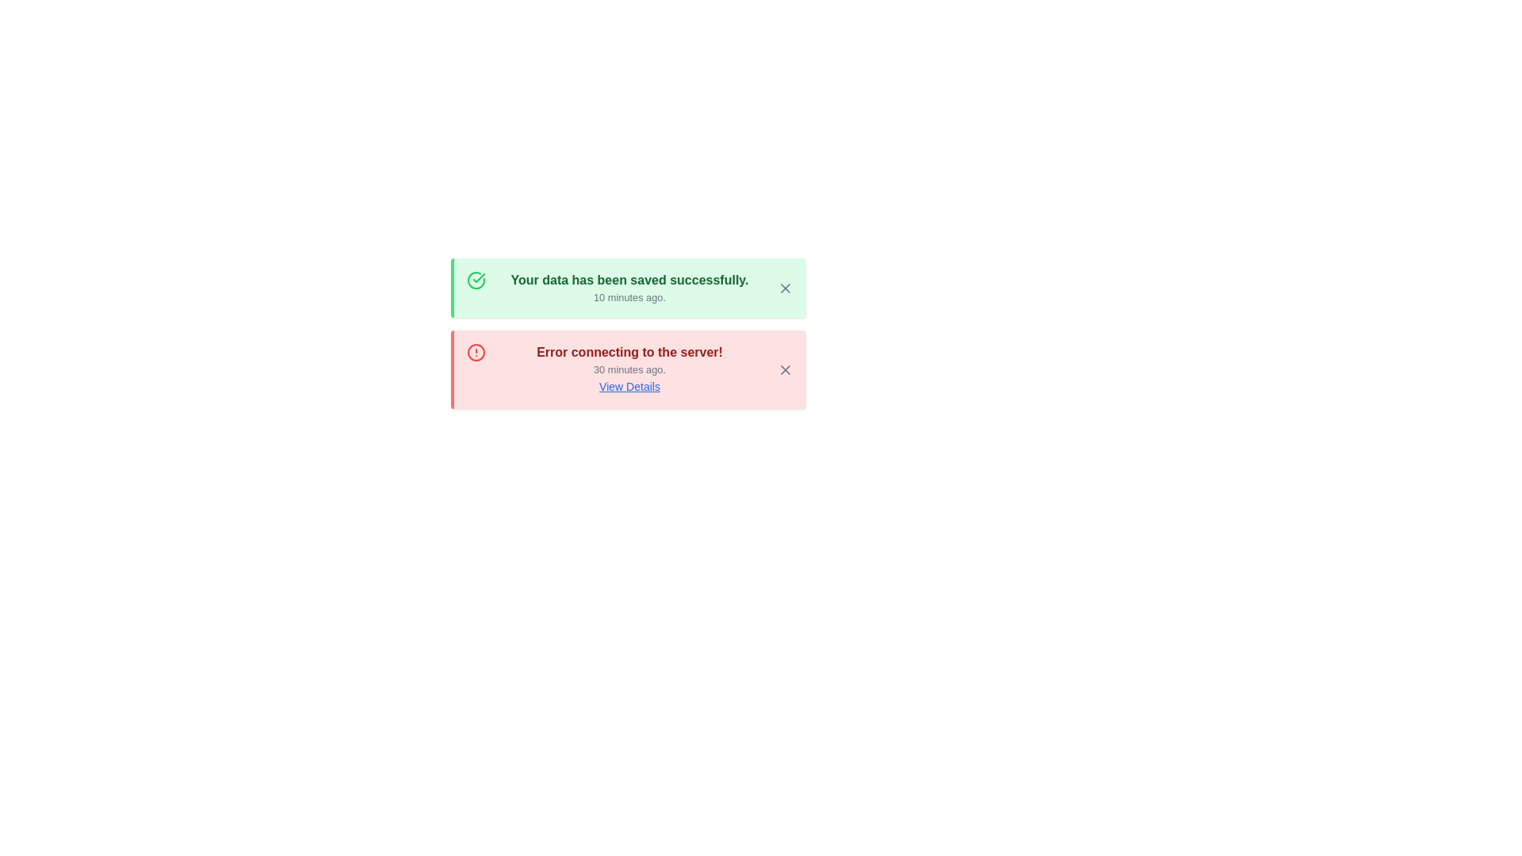  Describe the element at coordinates (785, 288) in the screenshot. I see `the Close button icon located at the top-right corner of the green notification box` at that location.